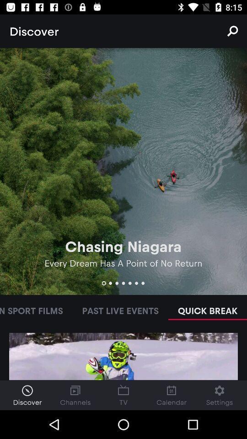  What do you see at coordinates (232, 31) in the screenshot?
I see `item next to the discover` at bounding box center [232, 31].